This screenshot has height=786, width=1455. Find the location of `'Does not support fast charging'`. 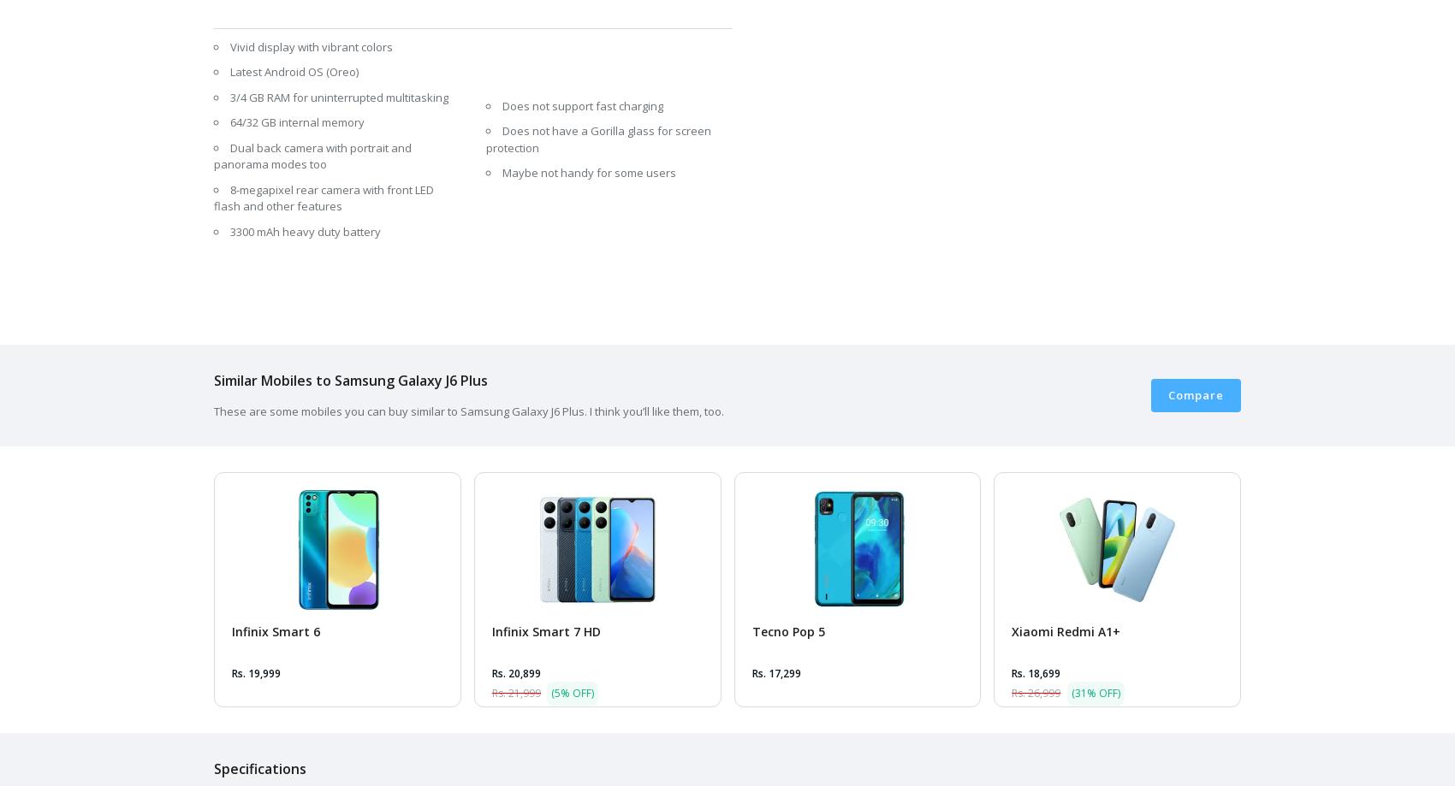

'Does not support fast charging' is located at coordinates (583, 103).